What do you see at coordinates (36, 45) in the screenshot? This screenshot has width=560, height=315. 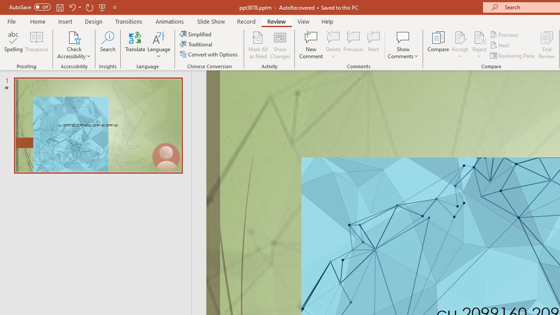 I see `'Thesaurus...'` at bounding box center [36, 45].